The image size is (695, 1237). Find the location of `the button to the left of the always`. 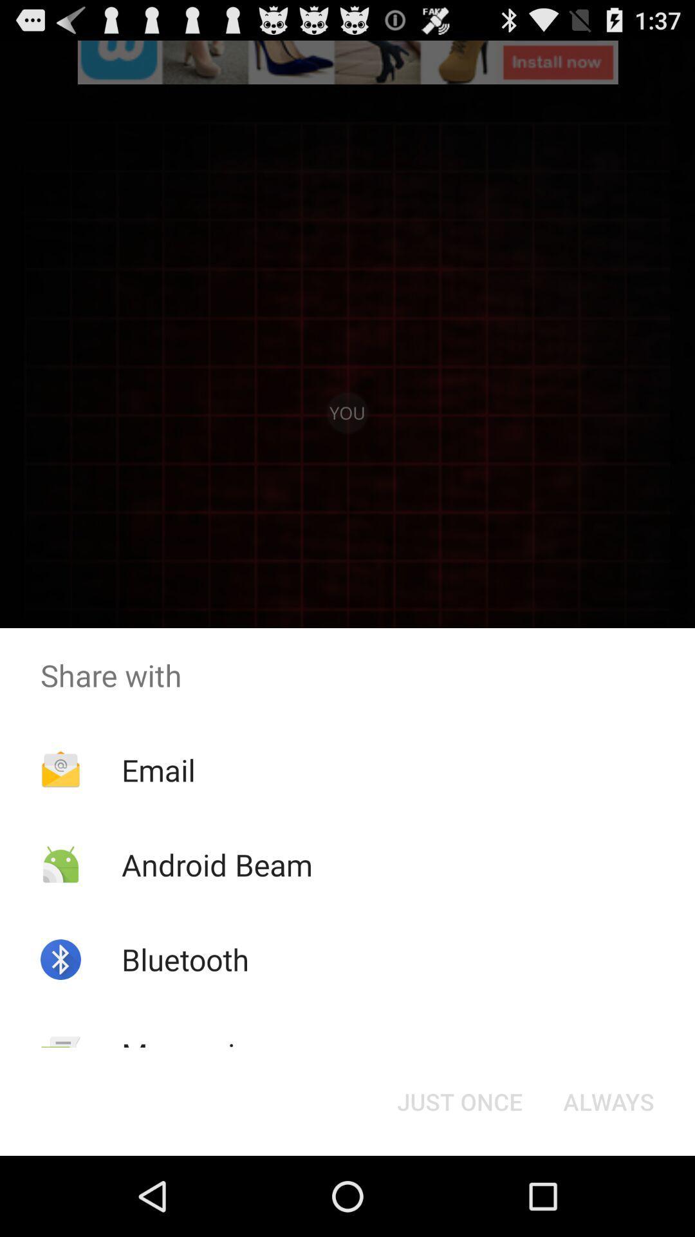

the button to the left of the always is located at coordinates (459, 1100).